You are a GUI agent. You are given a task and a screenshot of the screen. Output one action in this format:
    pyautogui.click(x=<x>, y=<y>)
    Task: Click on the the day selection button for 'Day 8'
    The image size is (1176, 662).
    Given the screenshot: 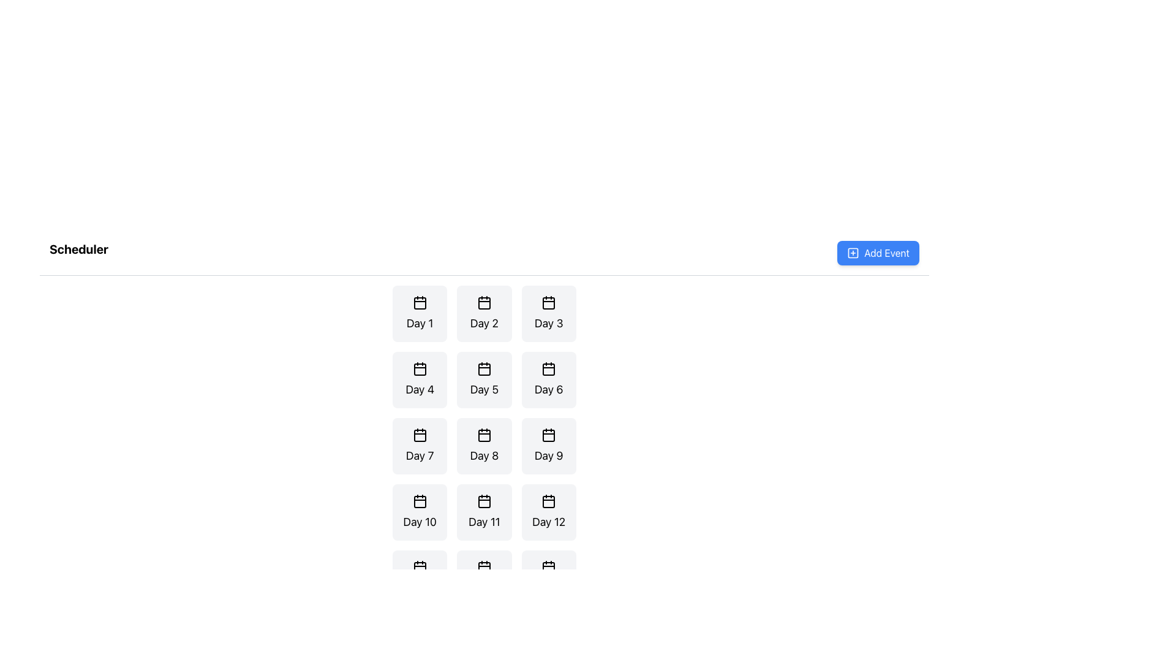 What is the action you would take?
    pyautogui.click(x=484, y=446)
    